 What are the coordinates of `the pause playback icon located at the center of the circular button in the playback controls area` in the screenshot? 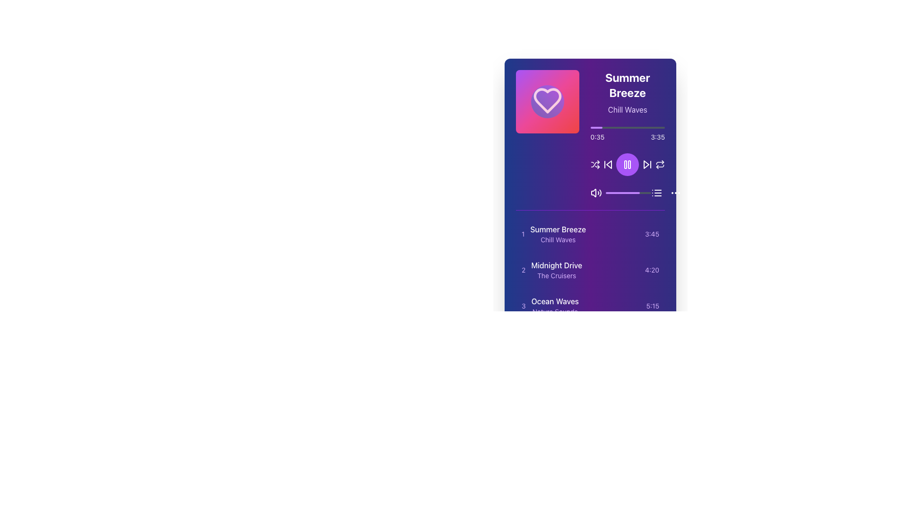 It's located at (628, 164).